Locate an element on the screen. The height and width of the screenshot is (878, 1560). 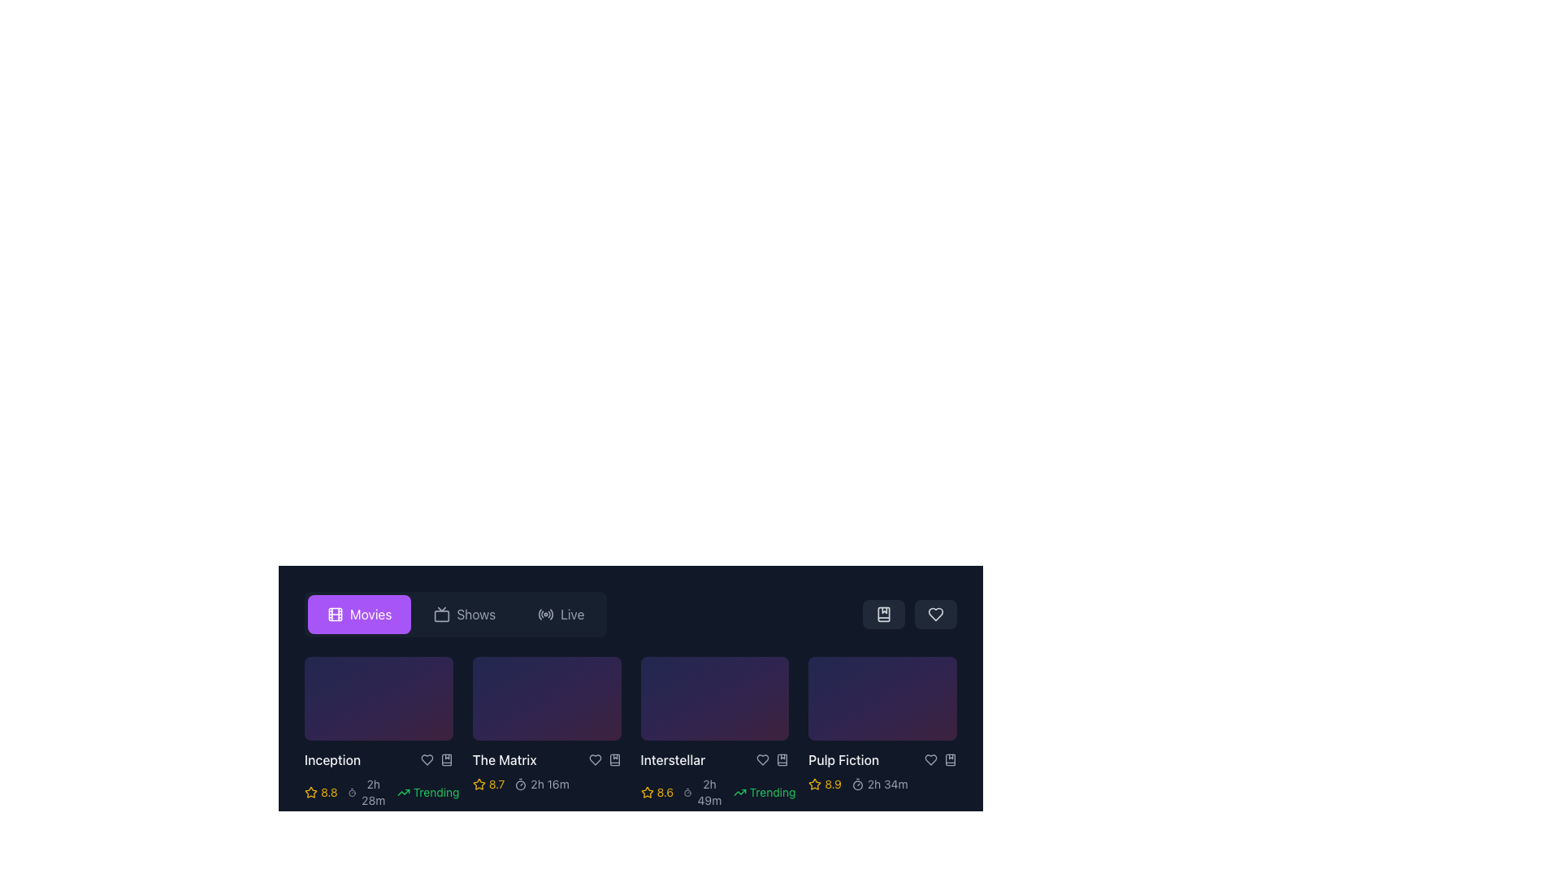
the third movie item card titled 'Interstellar', which has a gradient background and includes a rating of 8.6 and a 'Trending' label, located in a grid of movie cards is located at coordinates (714, 732).